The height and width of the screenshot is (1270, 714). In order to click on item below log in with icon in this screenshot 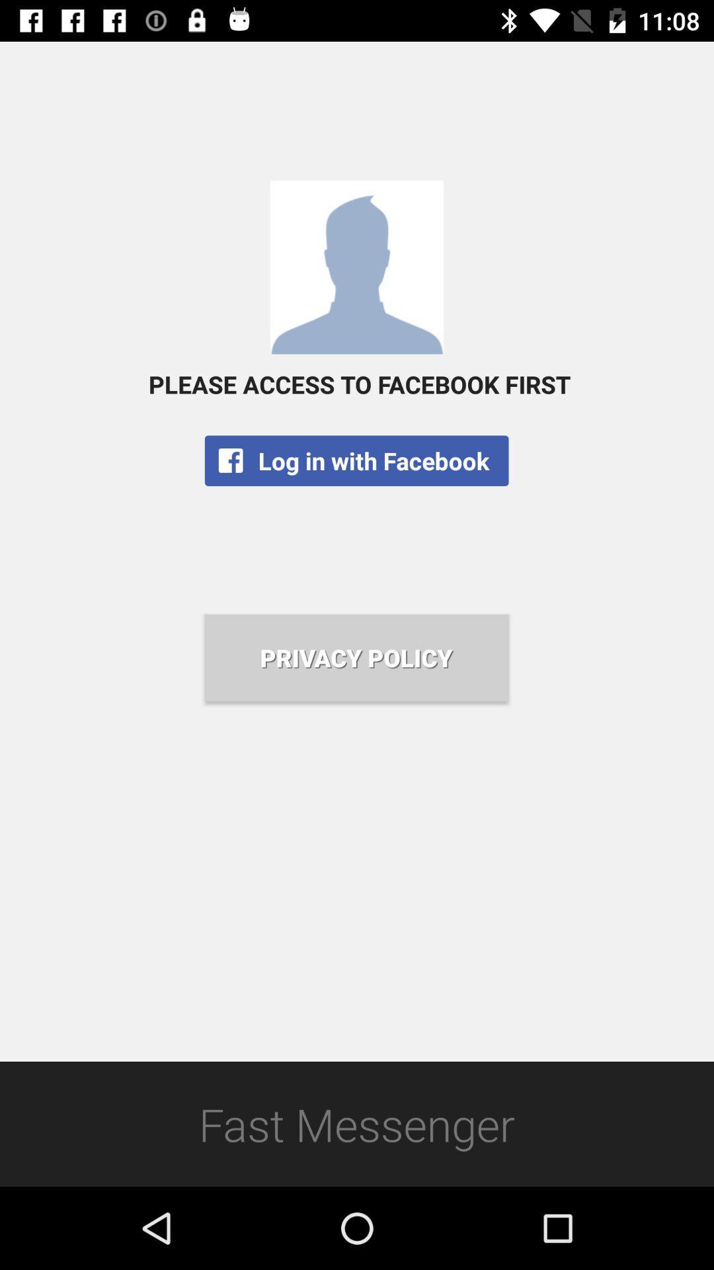, I will do `click(356, 657)`.